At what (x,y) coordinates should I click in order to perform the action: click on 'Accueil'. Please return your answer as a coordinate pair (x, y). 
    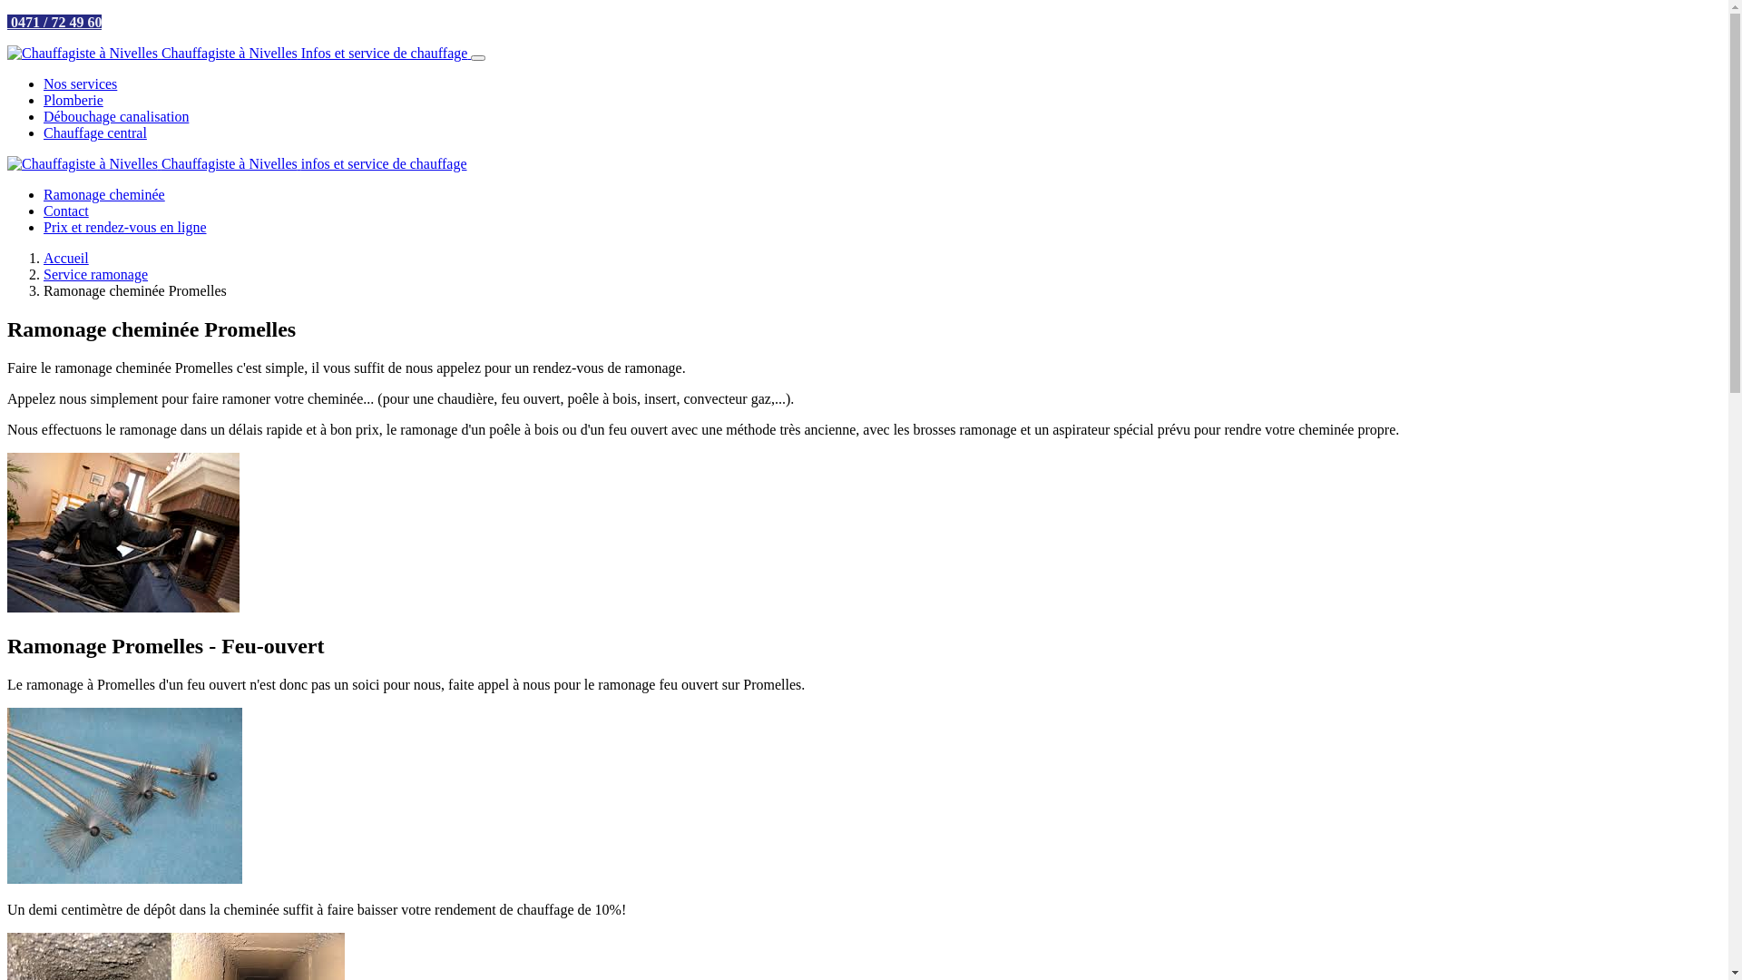
    Looking at the image, I should click on (65, 258).